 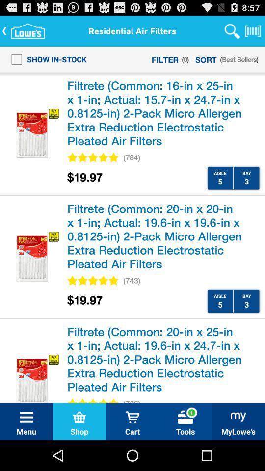 What do you see at coordinates (132, 281) in the screenshot?
I see `icon above the filtrete common 20 icon` at bounding box center [132, 281].